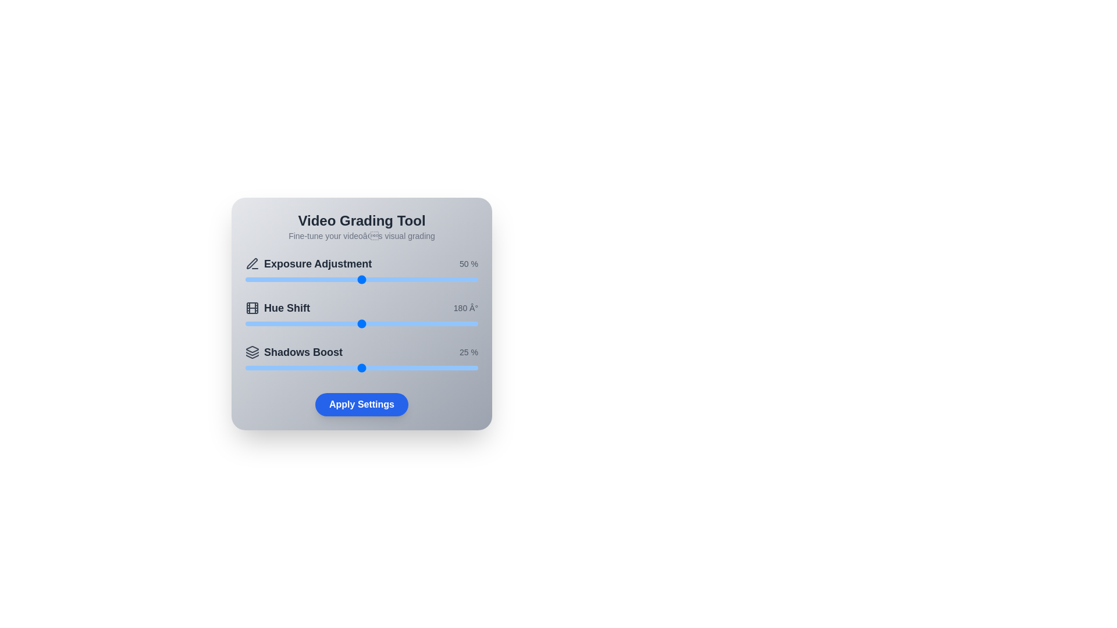  I want to click on the exposure adjustment, so click(474, 280).